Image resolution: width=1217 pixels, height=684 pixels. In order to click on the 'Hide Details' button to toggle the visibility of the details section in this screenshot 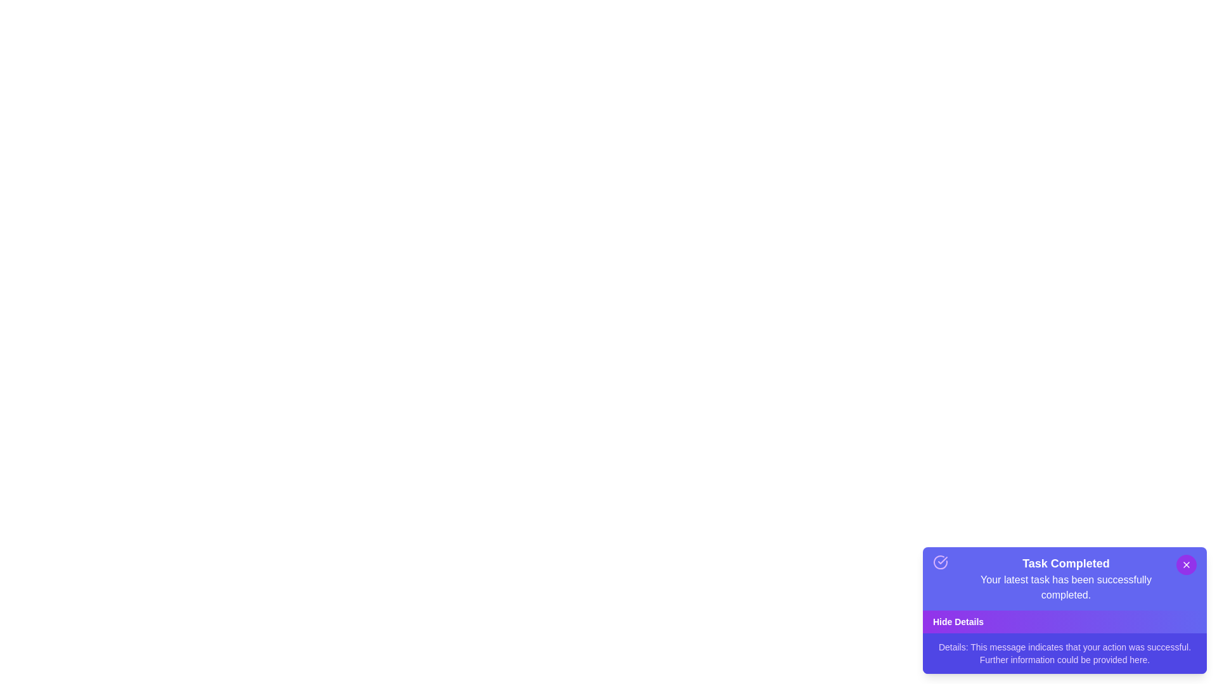, I will do `click(1065, 621)`.